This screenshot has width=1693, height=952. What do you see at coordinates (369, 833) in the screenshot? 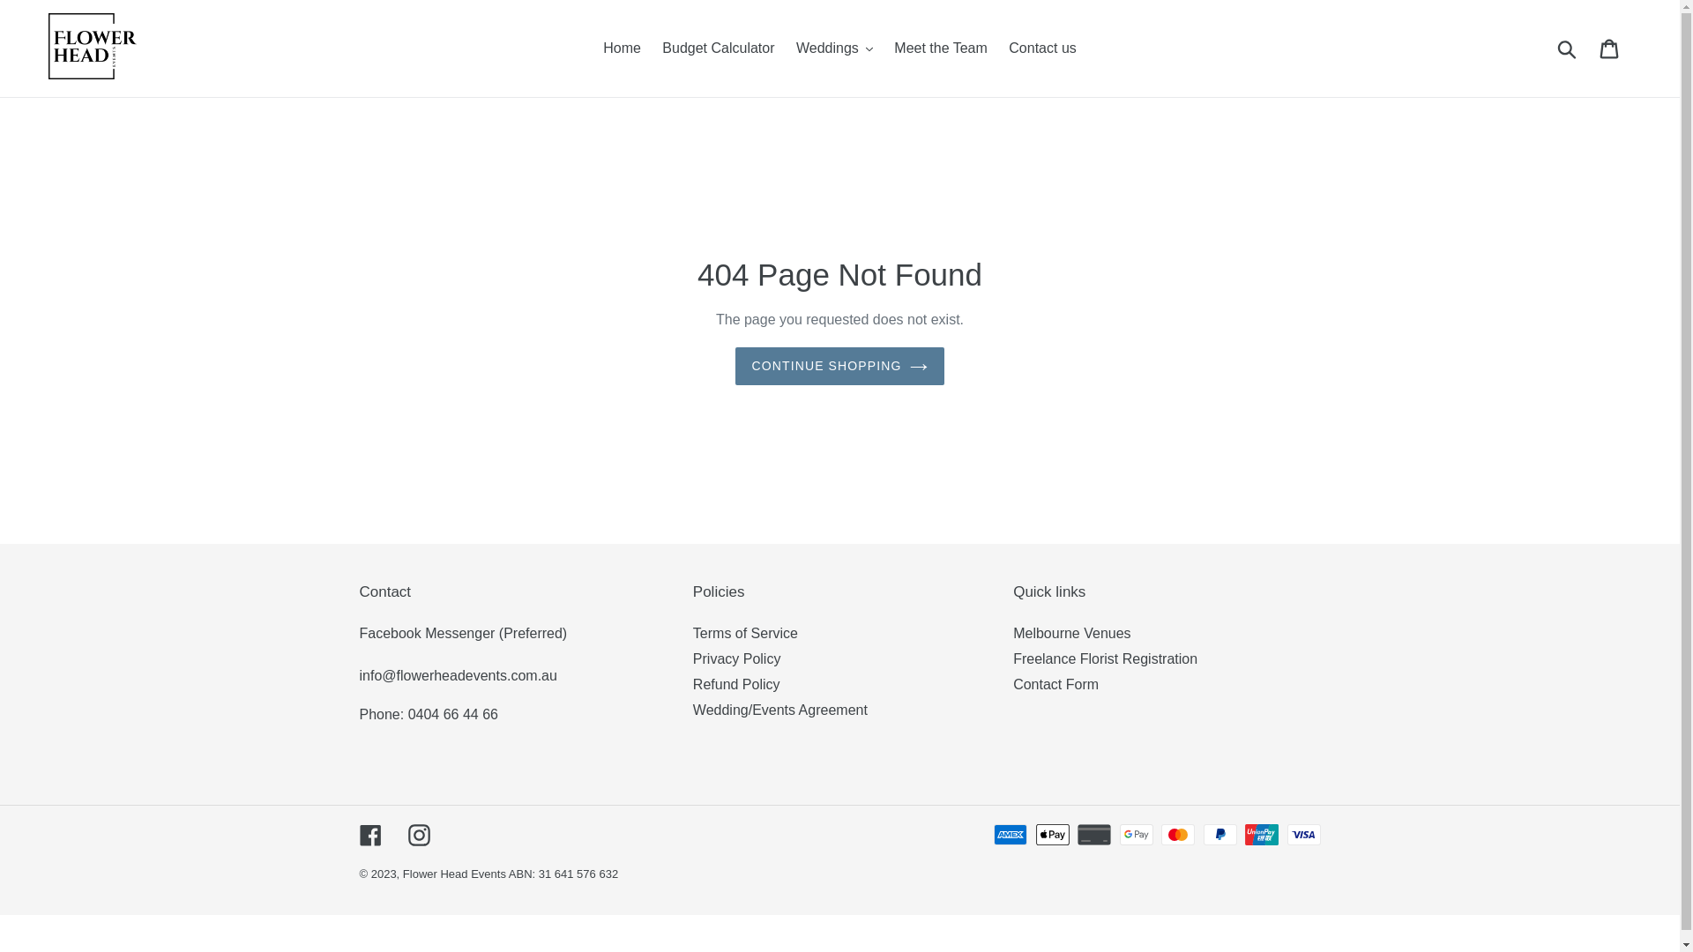
I see `'Facebook'` at bounding box center [369, 833].